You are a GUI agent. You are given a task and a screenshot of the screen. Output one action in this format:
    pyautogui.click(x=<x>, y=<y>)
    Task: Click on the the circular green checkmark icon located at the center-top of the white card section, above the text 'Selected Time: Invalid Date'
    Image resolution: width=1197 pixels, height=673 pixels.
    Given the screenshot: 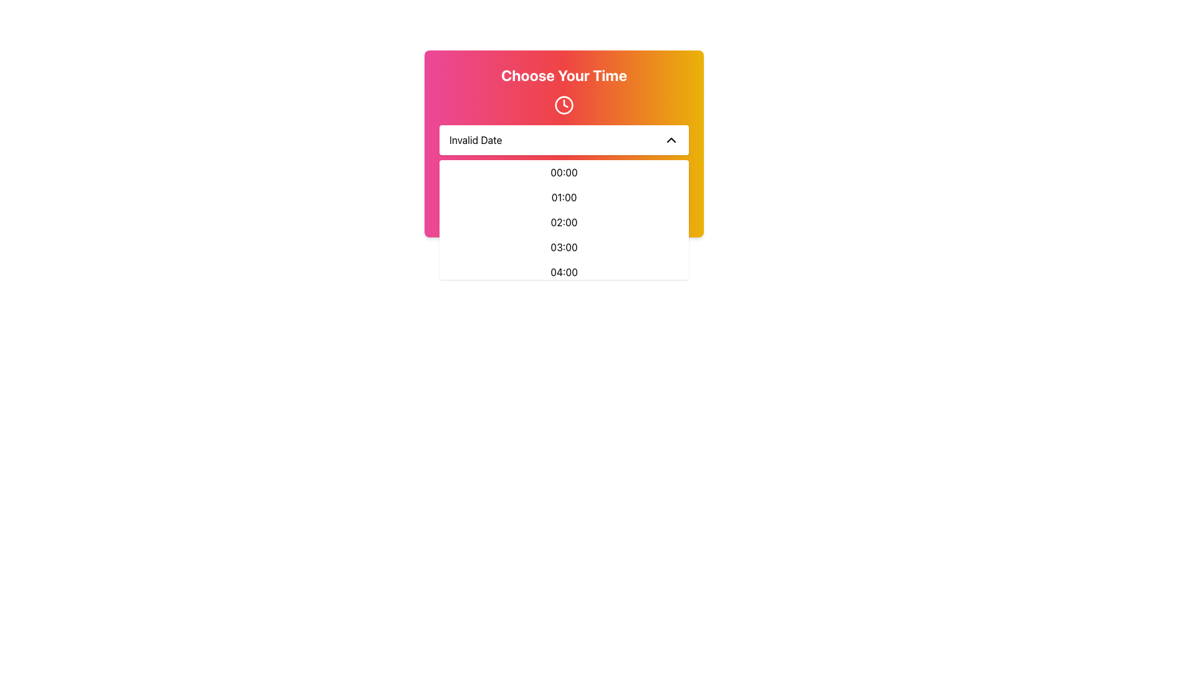 What is the action you would take?
    pyautogui.click(x=564, y=183)
    